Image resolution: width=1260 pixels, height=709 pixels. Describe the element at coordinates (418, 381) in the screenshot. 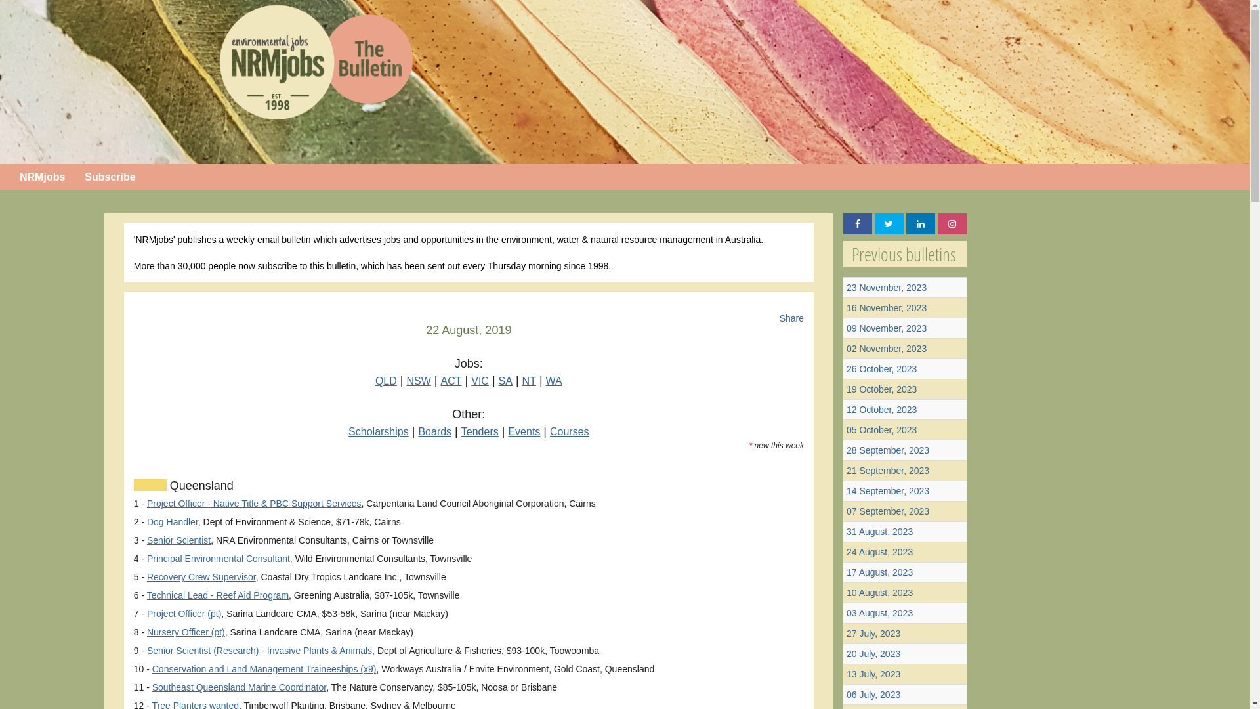

I see `'NSW'` at that location.